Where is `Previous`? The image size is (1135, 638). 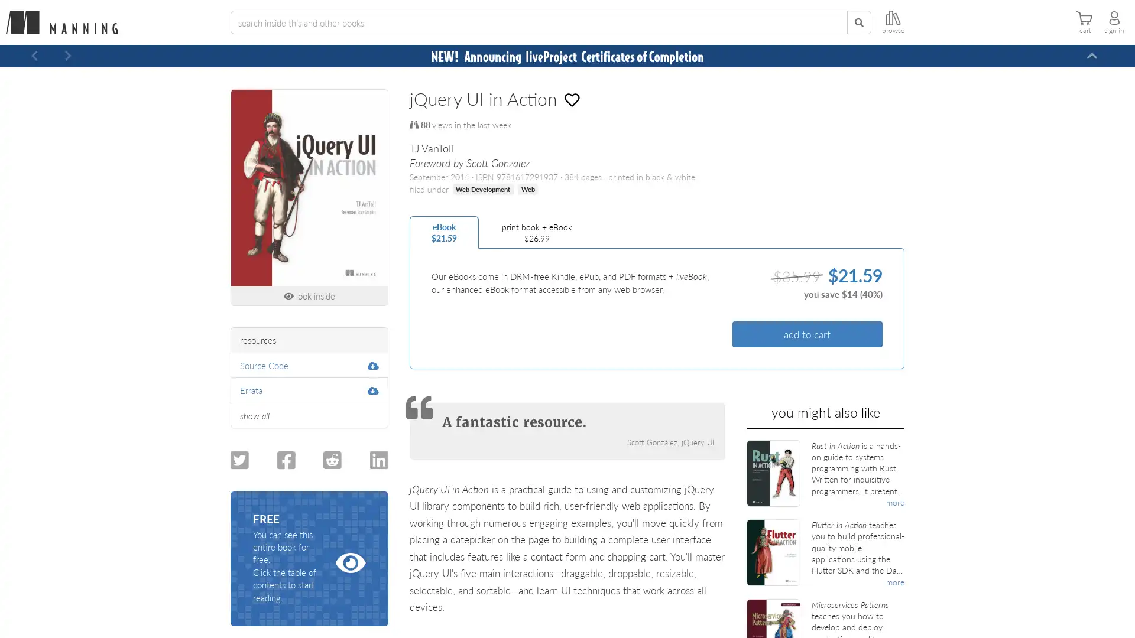
Previous is located at coordinates (34, 56).